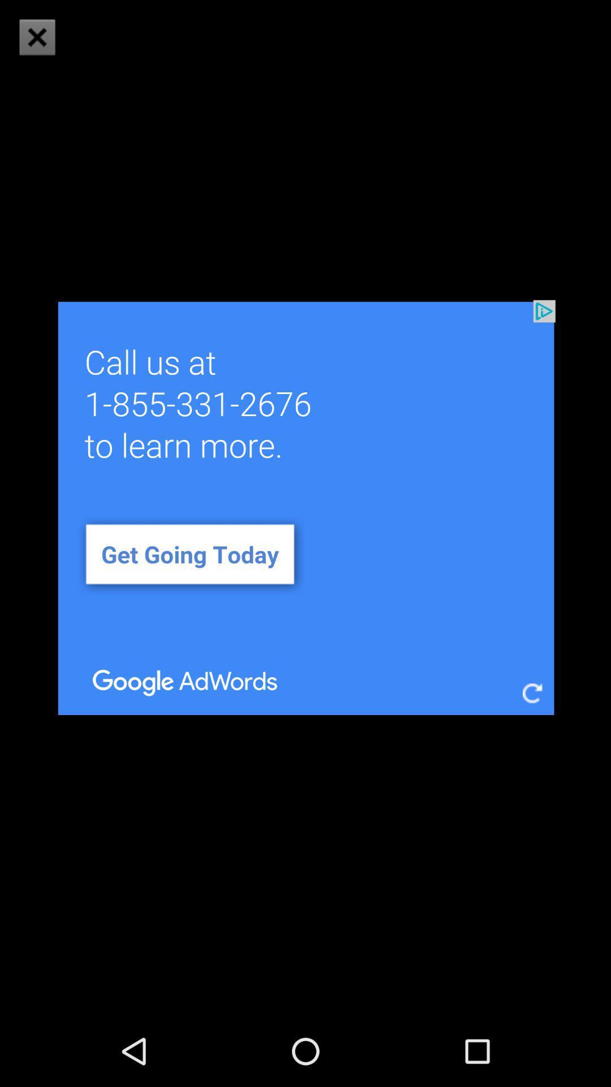 This screenshot has width=611, height=1087. What do you see at coordinates (51, 55) in the screenshot?
I see `the close icon` at bounding box center [51, 55].